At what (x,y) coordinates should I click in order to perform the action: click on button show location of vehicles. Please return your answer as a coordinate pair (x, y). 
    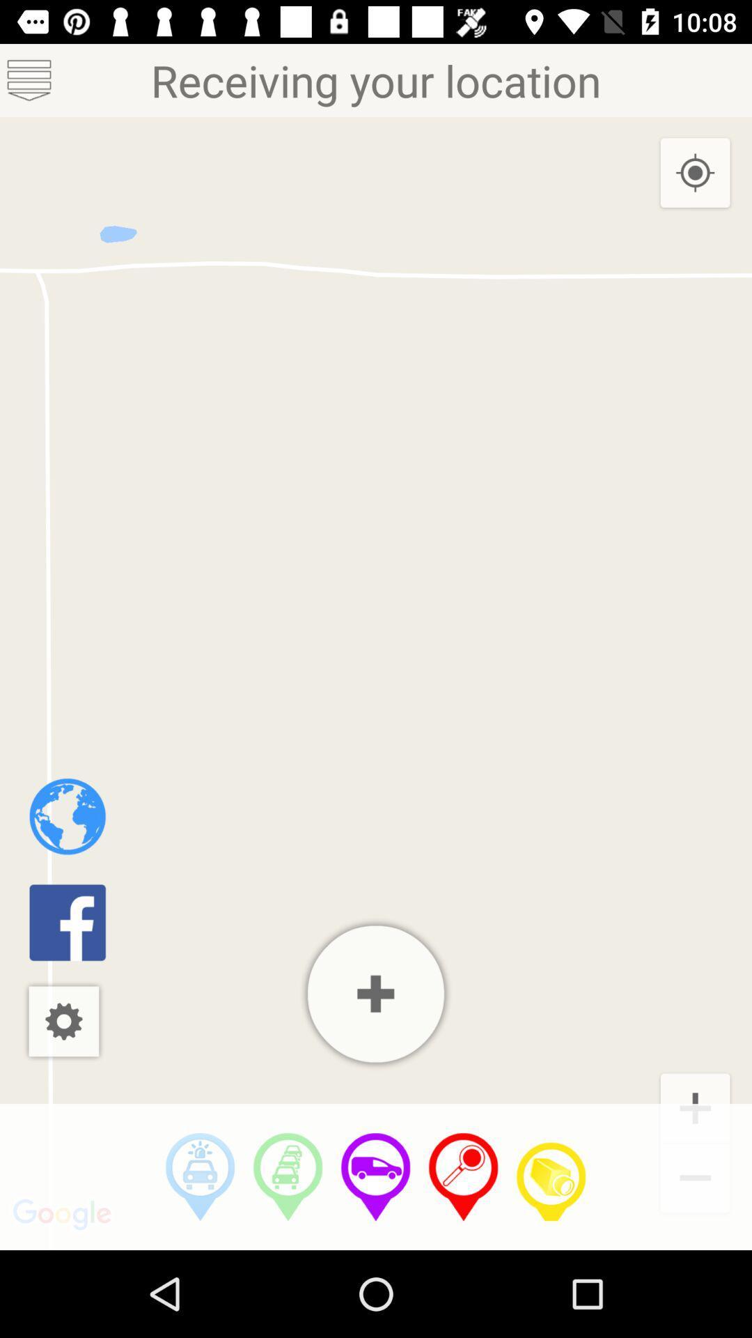
    Looking at the image, I should click on (376, 1176).